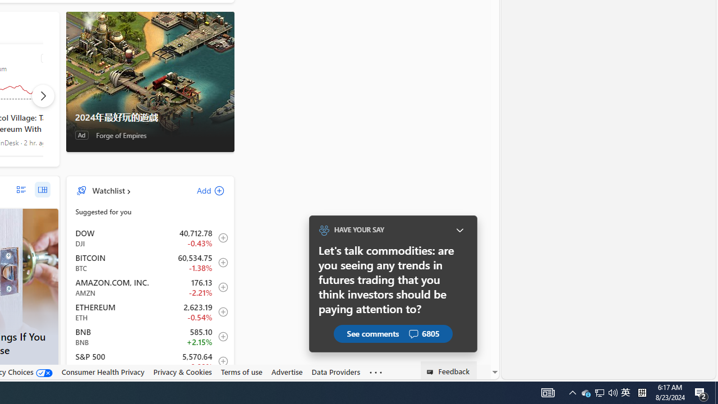 This screenshot has width=718, height=404. What do you see at coordinates (431, 372) in the screenshot?
I see `'Class: feedback_link_icon-DS-EntryPoint1-1'` at bounding box center [431, 372].